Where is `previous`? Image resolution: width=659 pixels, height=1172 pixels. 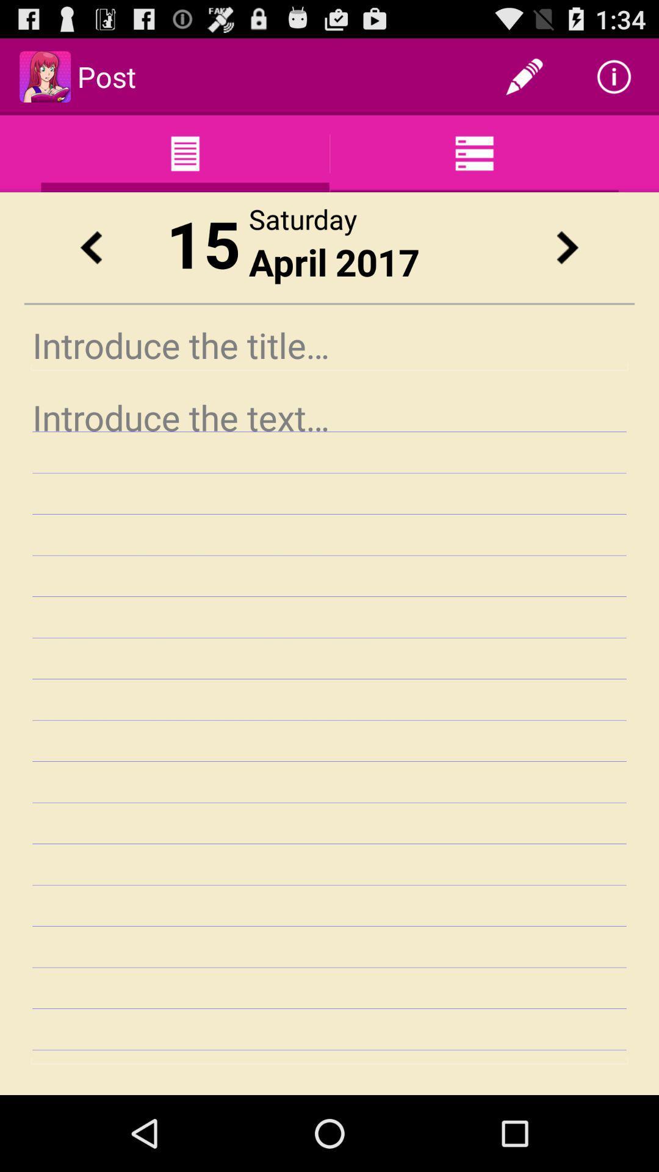 previous is located at coordinates (90, 247).